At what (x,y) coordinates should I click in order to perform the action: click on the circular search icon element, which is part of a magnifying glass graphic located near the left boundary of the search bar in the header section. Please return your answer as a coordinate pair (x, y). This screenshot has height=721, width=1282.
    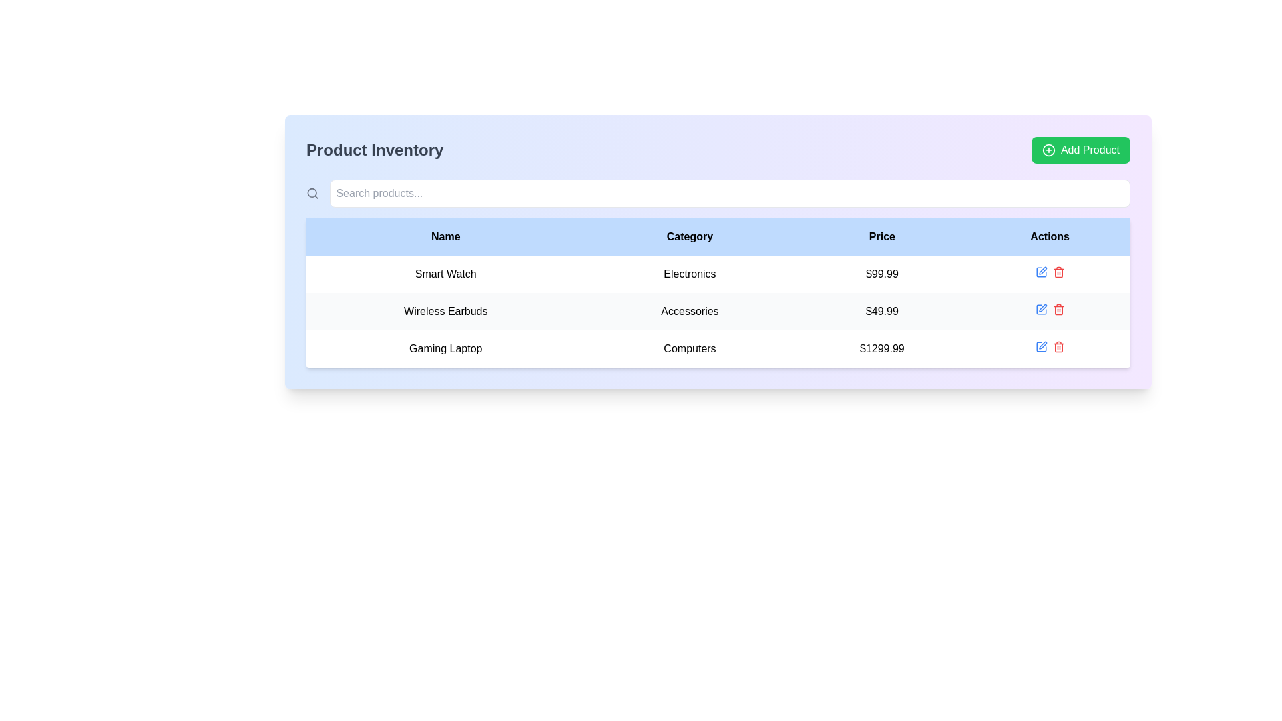
    Looking at the image, I should click on (311, 193).